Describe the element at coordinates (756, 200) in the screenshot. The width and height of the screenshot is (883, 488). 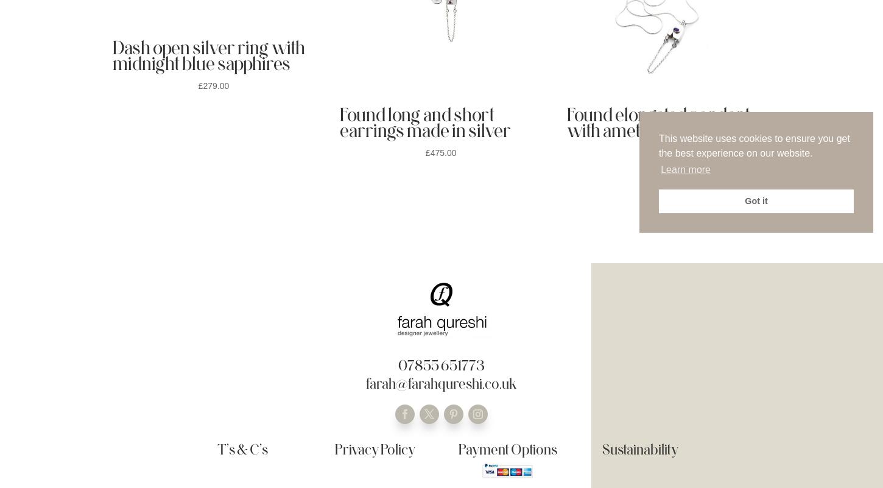
I see `'Got it'` at that location.